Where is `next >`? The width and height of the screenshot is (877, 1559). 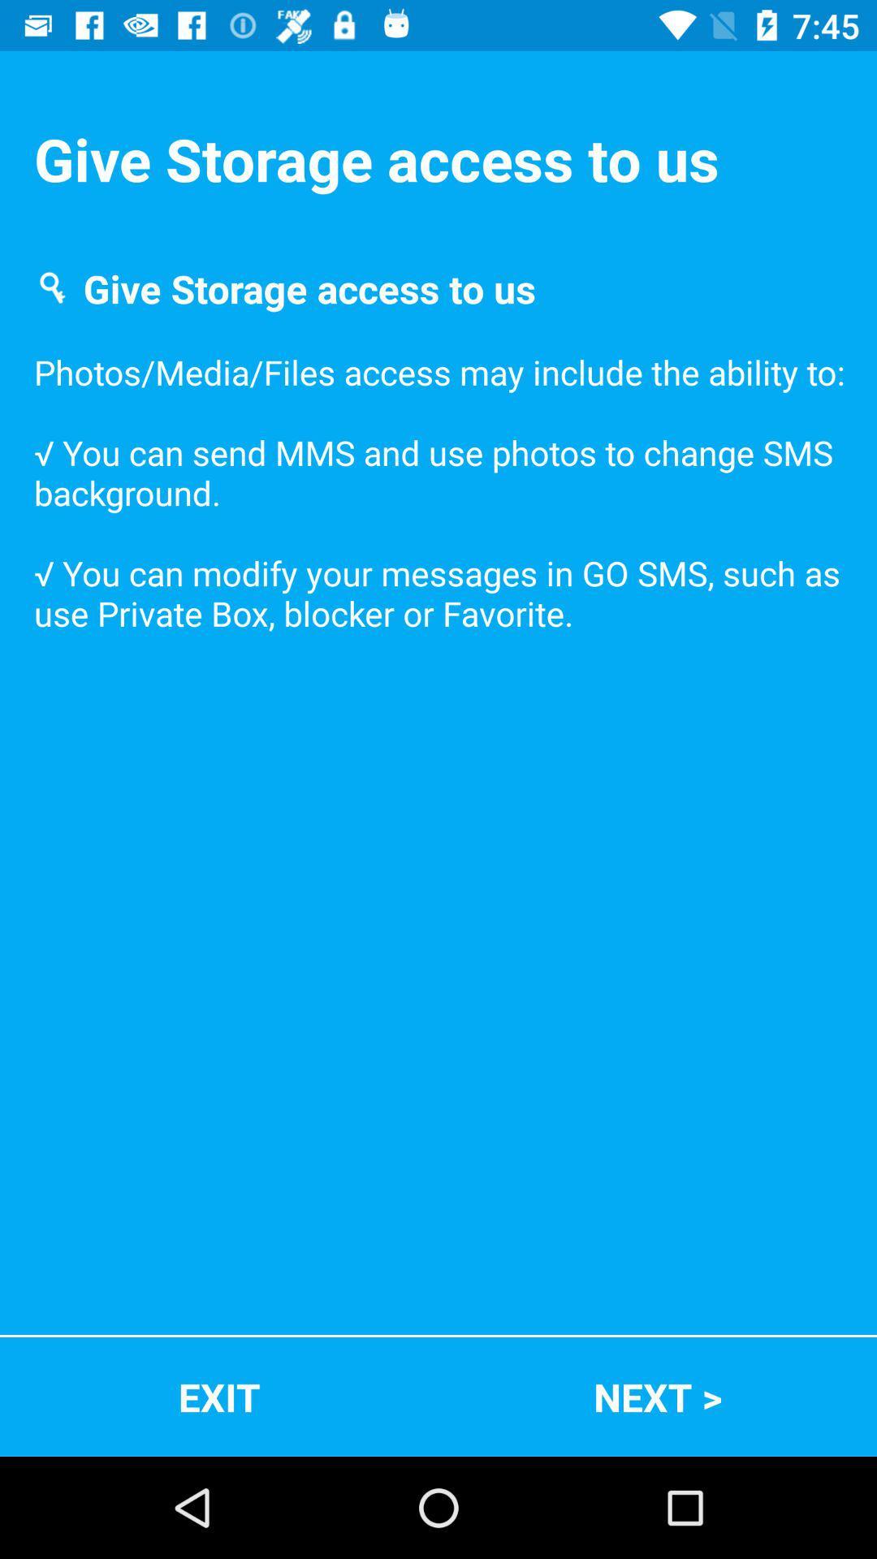 next > is located at coordinates (658, 1396).